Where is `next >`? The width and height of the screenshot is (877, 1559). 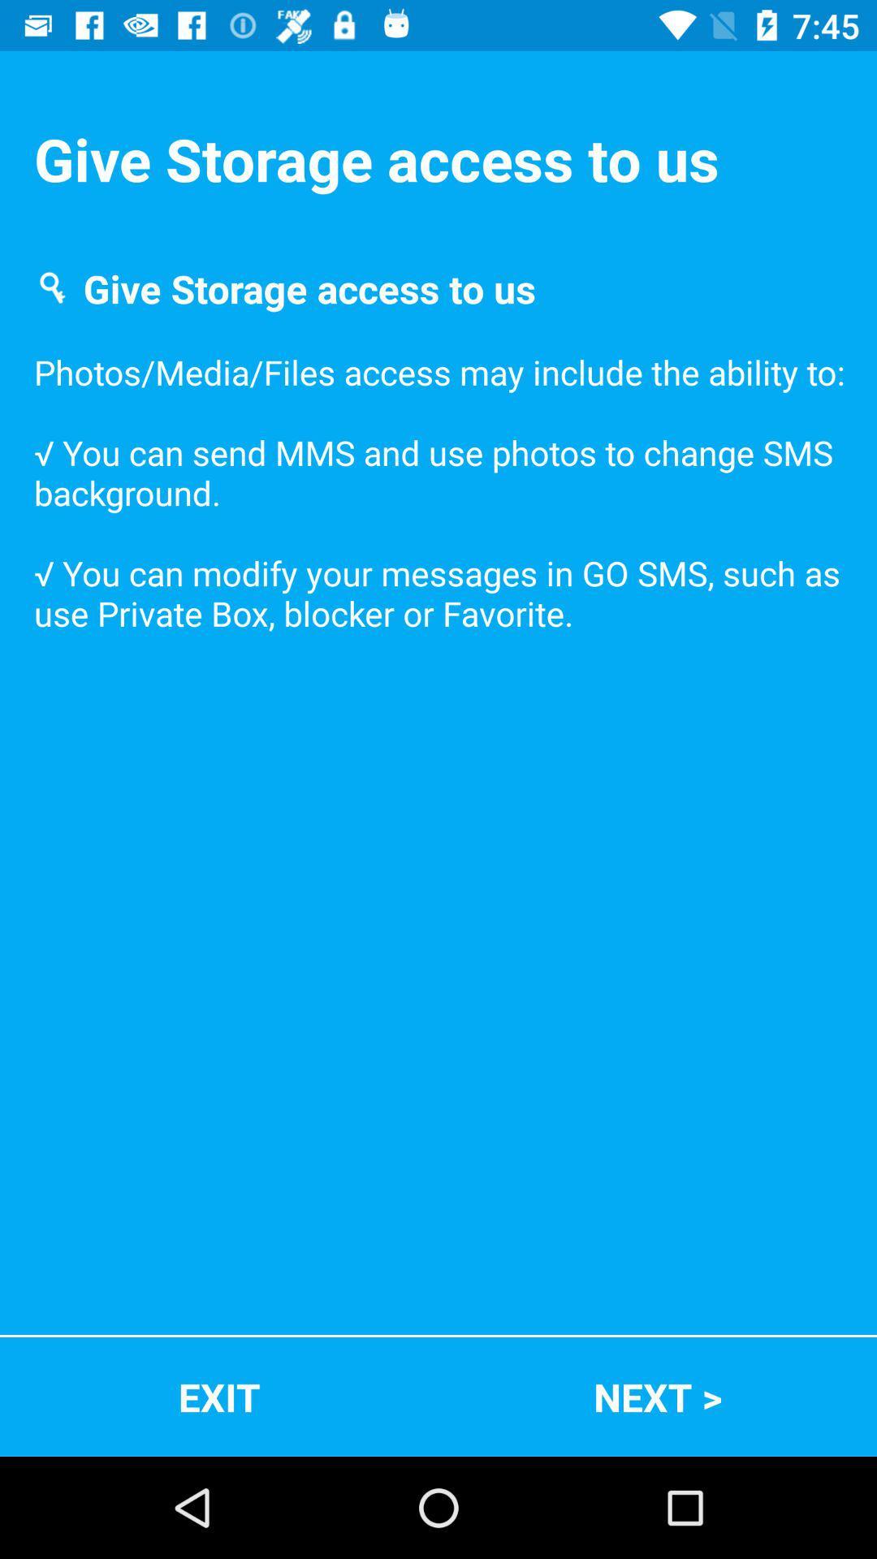 next > is located at coordinates (658, 1396).